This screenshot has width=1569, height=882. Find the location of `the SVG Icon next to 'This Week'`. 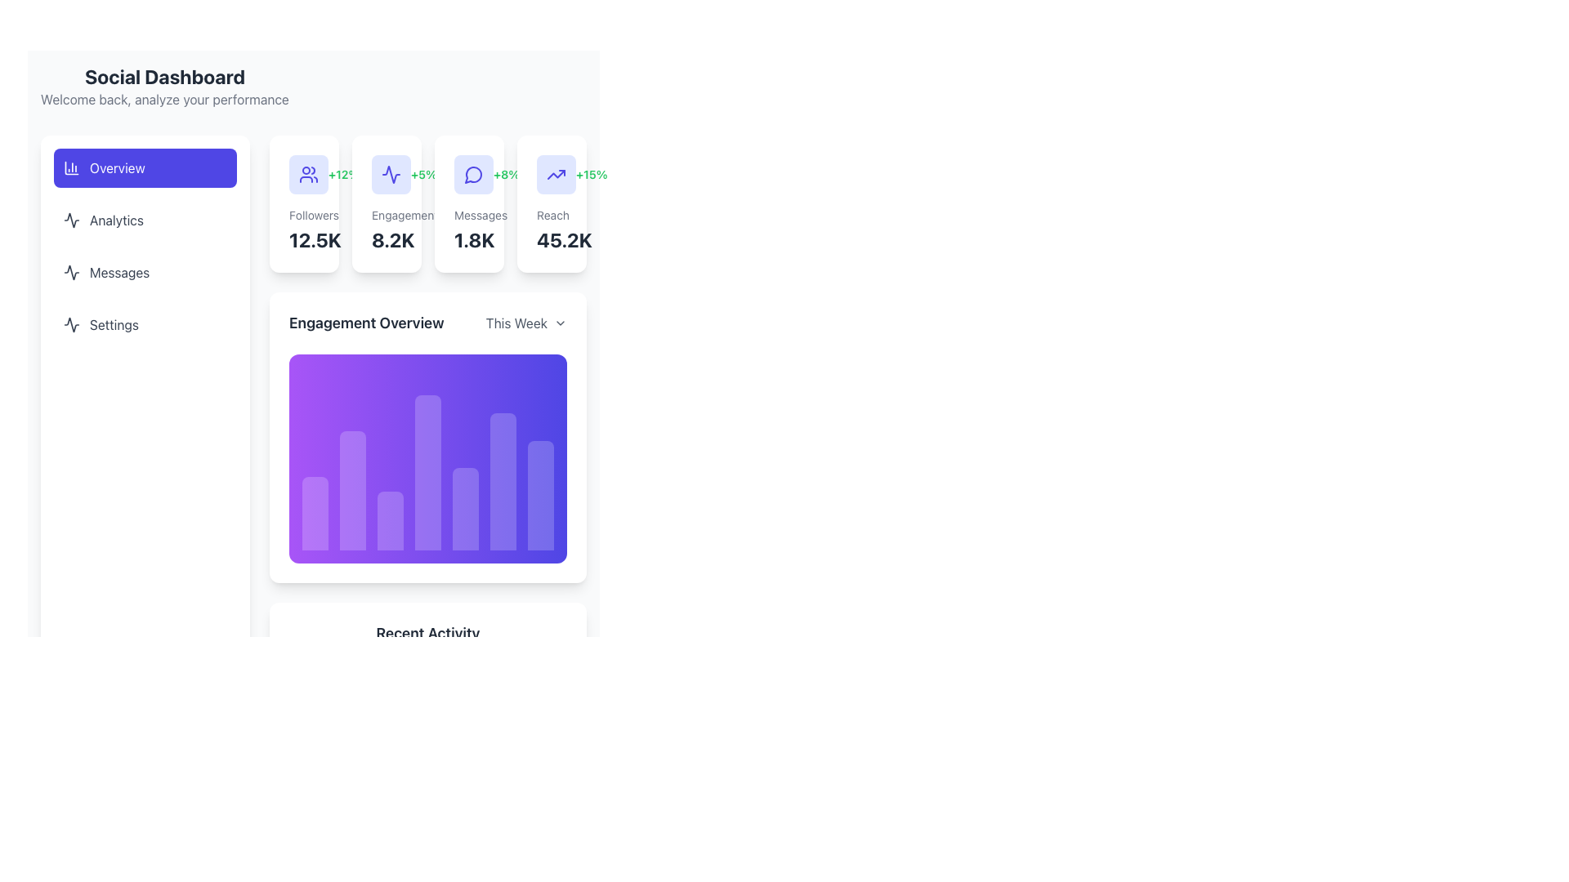

the SVG Icon next to 'This Week' is located at coordinates (561, 323).